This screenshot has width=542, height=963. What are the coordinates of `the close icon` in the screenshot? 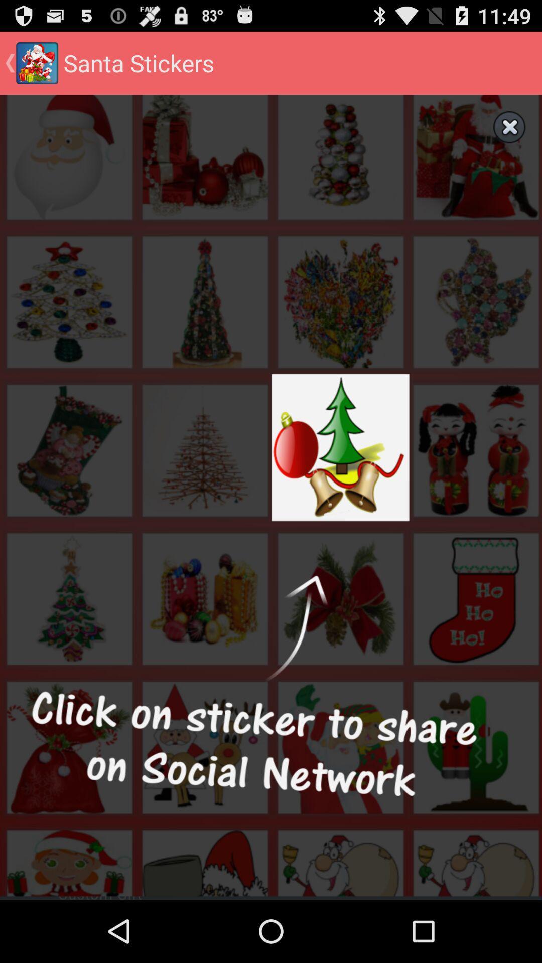 It's located at (509, 135).